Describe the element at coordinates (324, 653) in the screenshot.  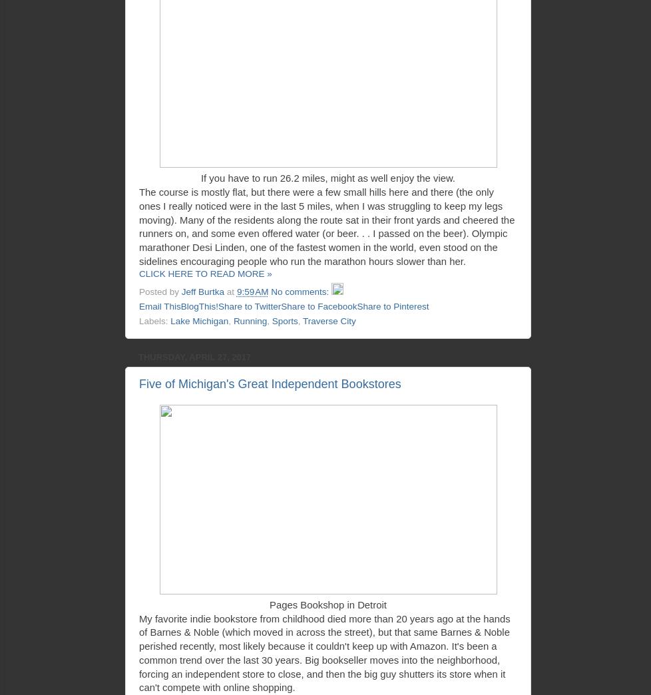
I see `'My favorite indie bookstore from childhood died more than 20 years ago at the hands of Barnes & Noble (which moved in across the street), but that same Barnes & Noble perished recently, most likely because it couldn't keep up with Amazon. It's been a common trend over the last 30 years. Big bookseller moves into the neighborhood, forcing an independent store to close, and then the big guy shutters its store when it can't compete with online shopping.'` at that location.